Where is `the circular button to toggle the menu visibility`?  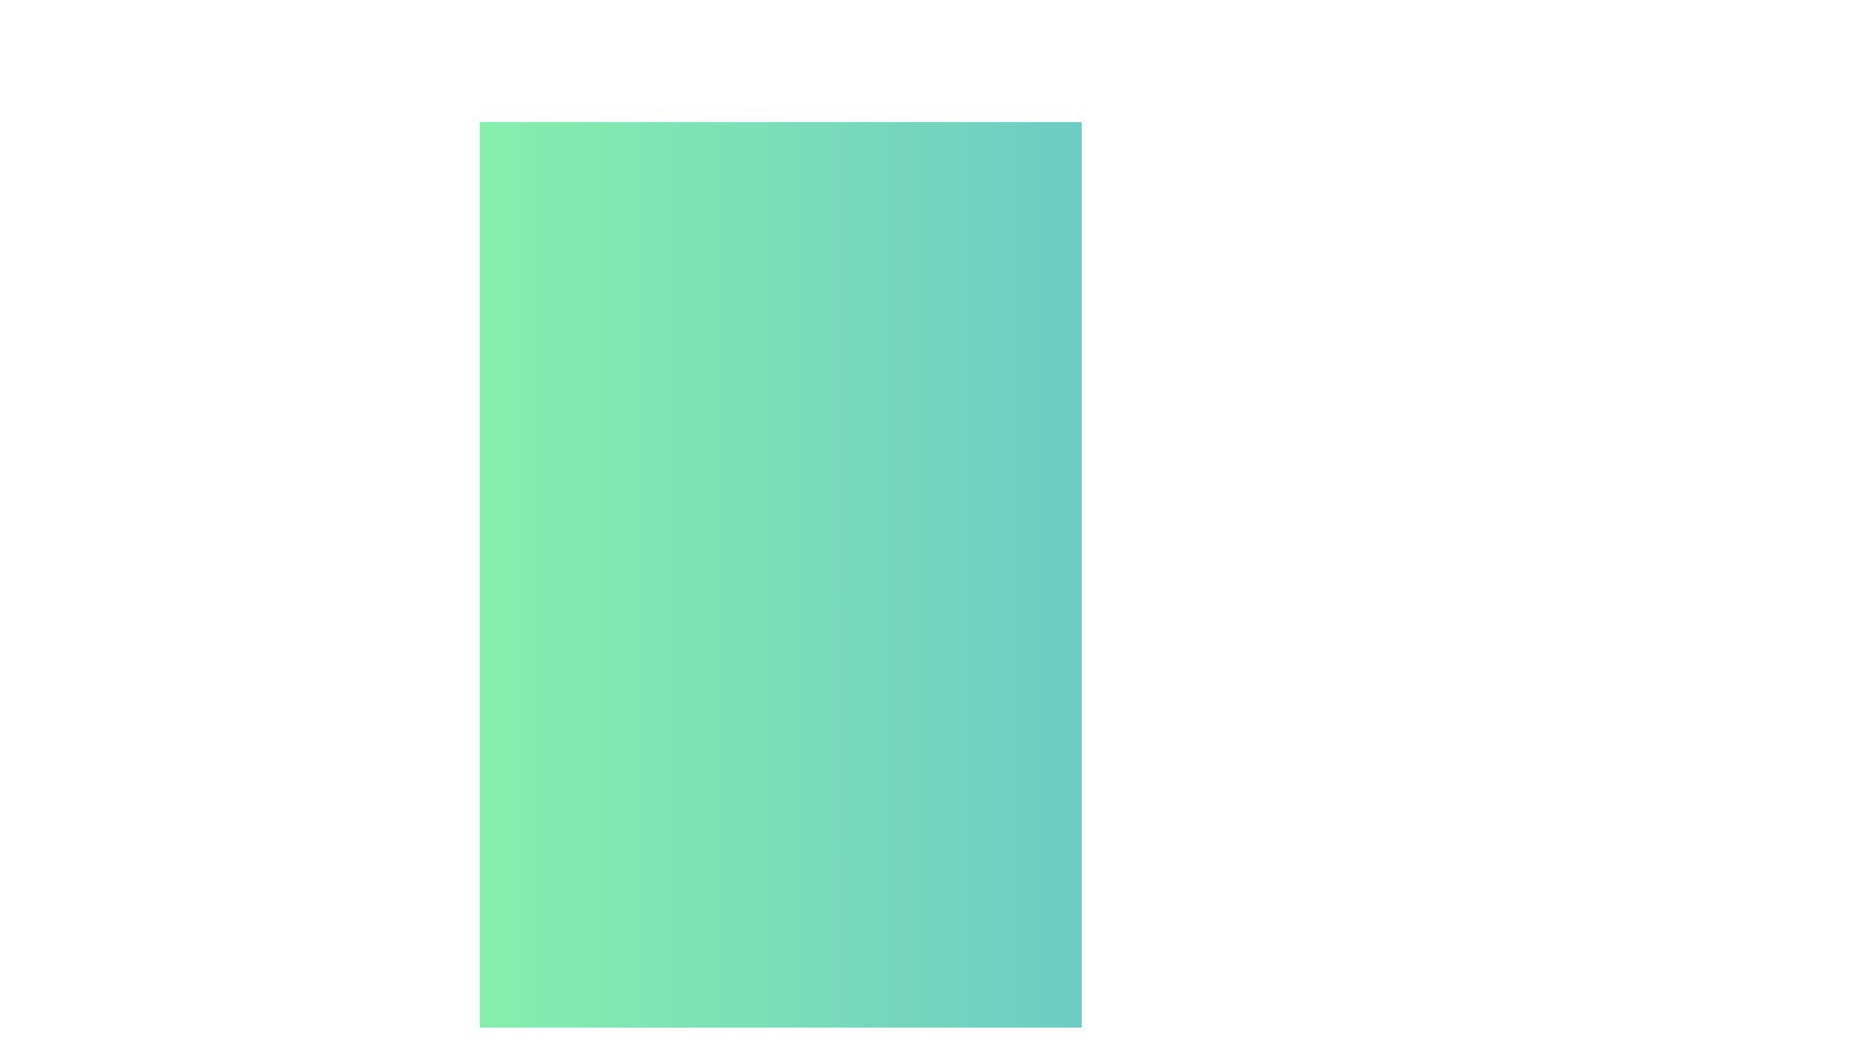
the circular button to toggle the menu visibility is located at coordinates (1409, 646).